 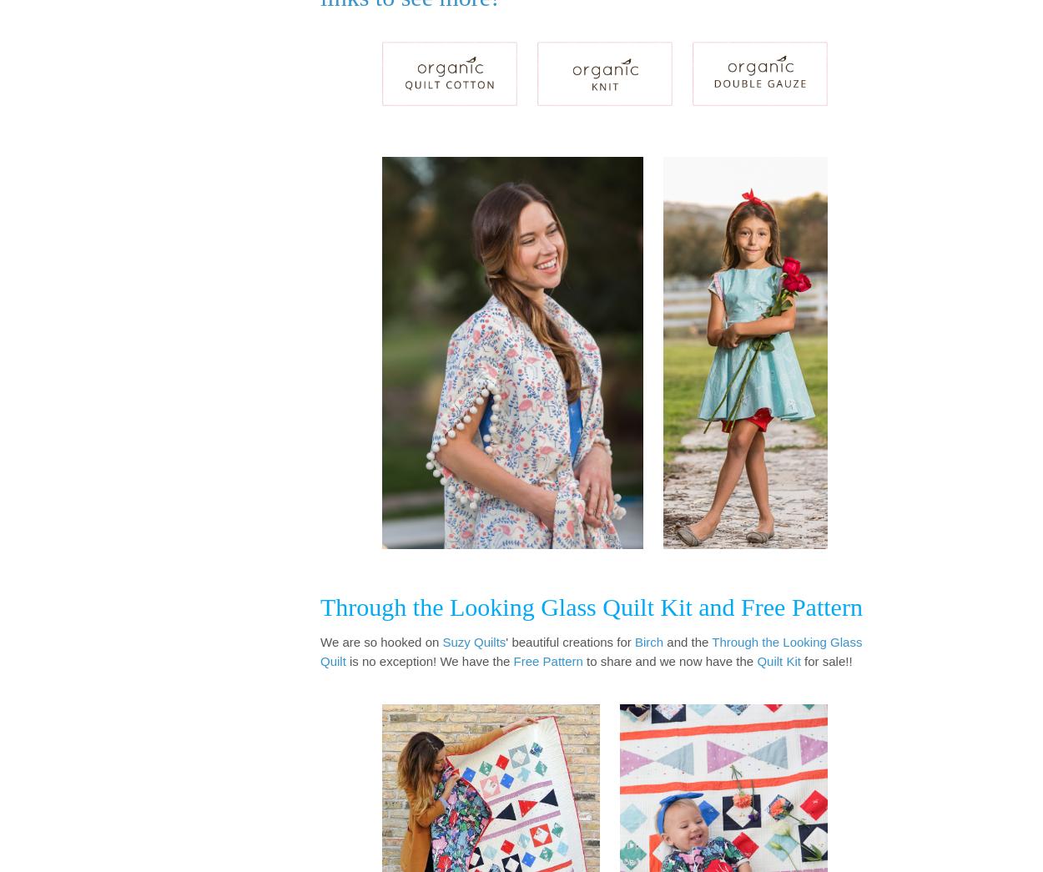 I want to click on 'is no exception! We have the', so click(x=345, y=660).